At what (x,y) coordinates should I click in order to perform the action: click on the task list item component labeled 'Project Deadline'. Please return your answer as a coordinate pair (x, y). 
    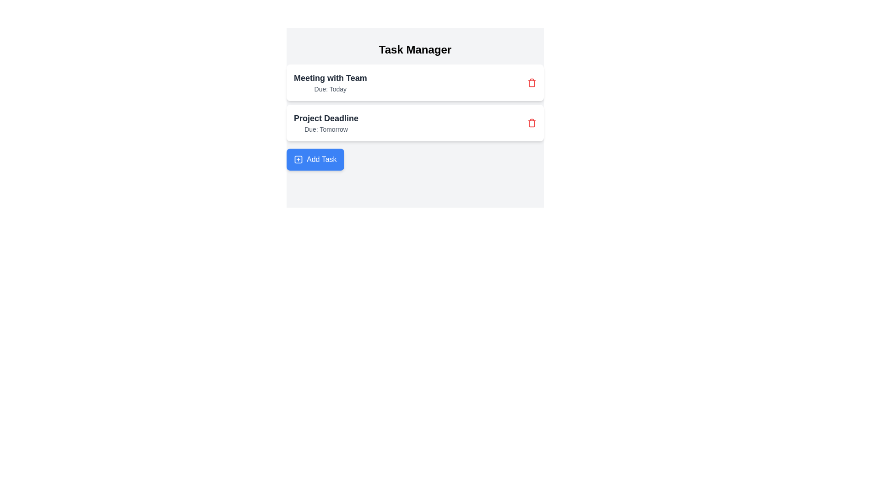
    Looking at the image, I should click on (415, 112).